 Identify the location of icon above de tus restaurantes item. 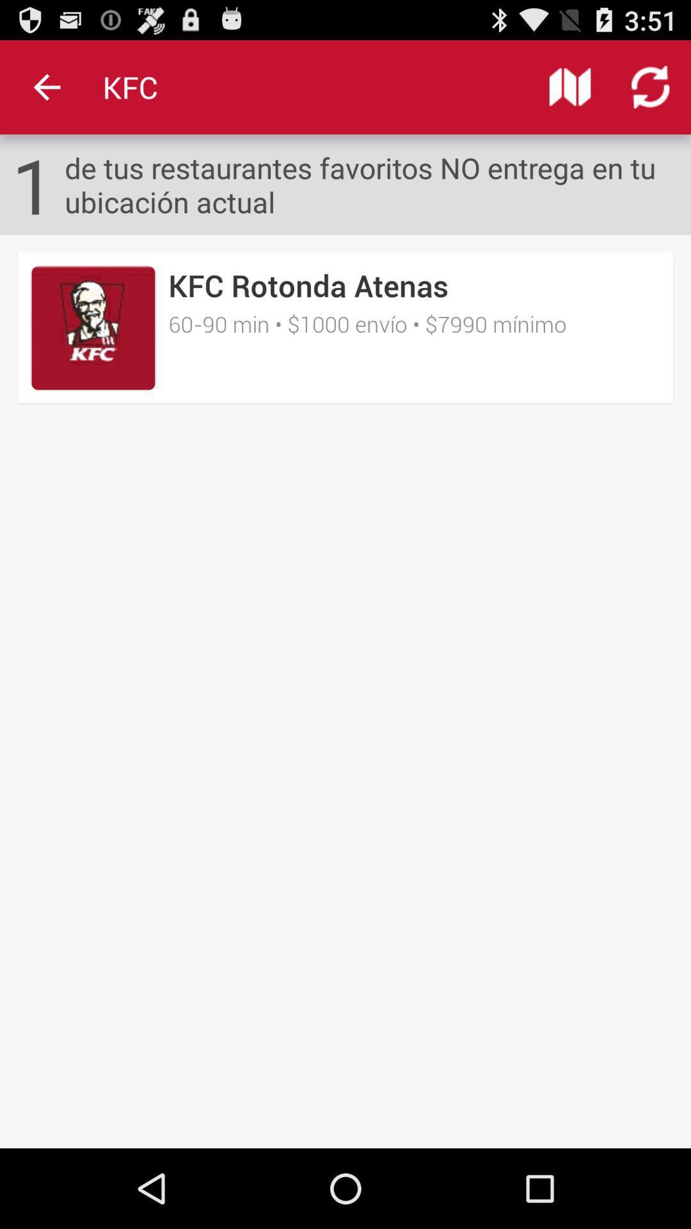
(651, 86).